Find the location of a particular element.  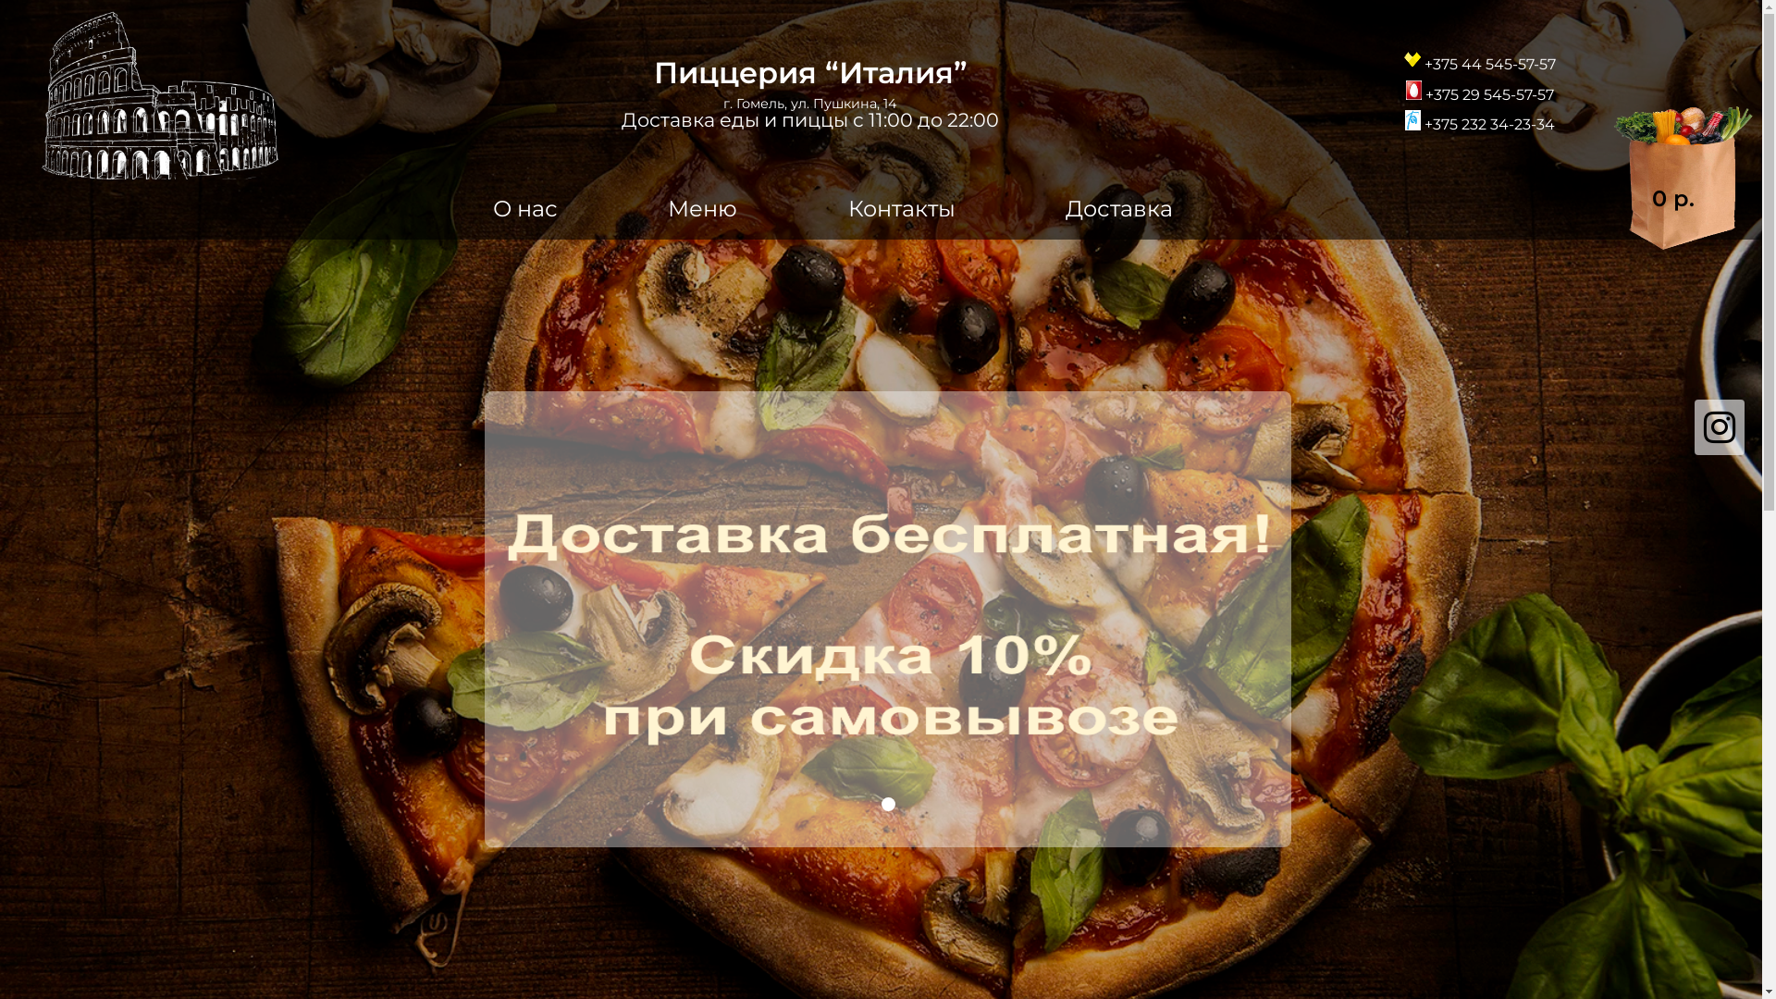

'+375 29 545-57-57' is located at coordinates (1478, 90).